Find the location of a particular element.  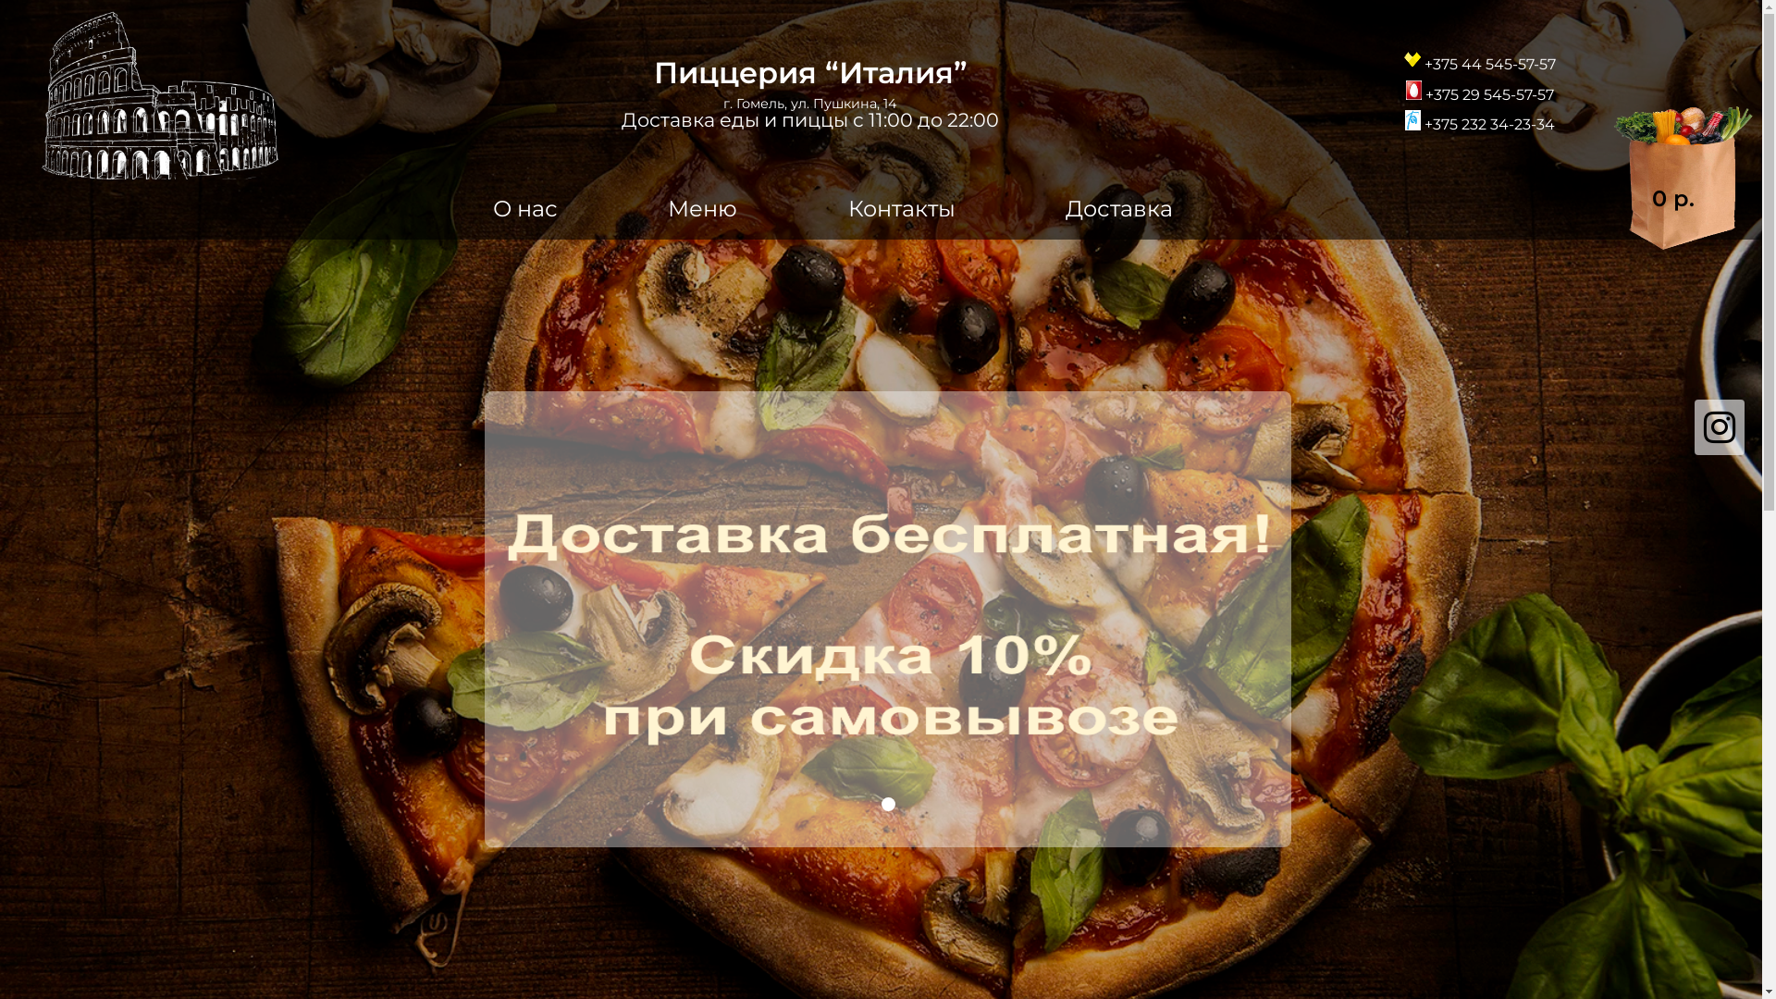

'+375 29 545-57-57' is located at coordinates (1478, 90).